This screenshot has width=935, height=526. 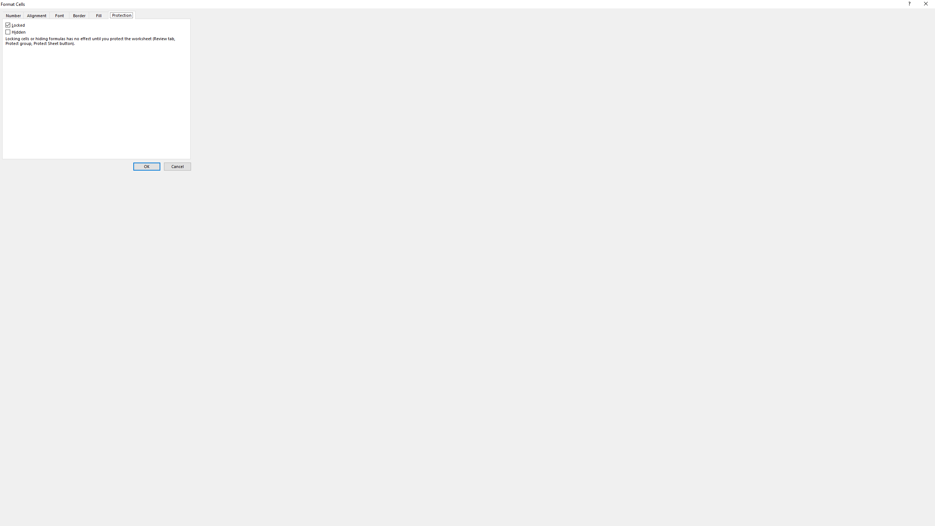 I want to click on 'Cancel', so click(x=177, y=166).